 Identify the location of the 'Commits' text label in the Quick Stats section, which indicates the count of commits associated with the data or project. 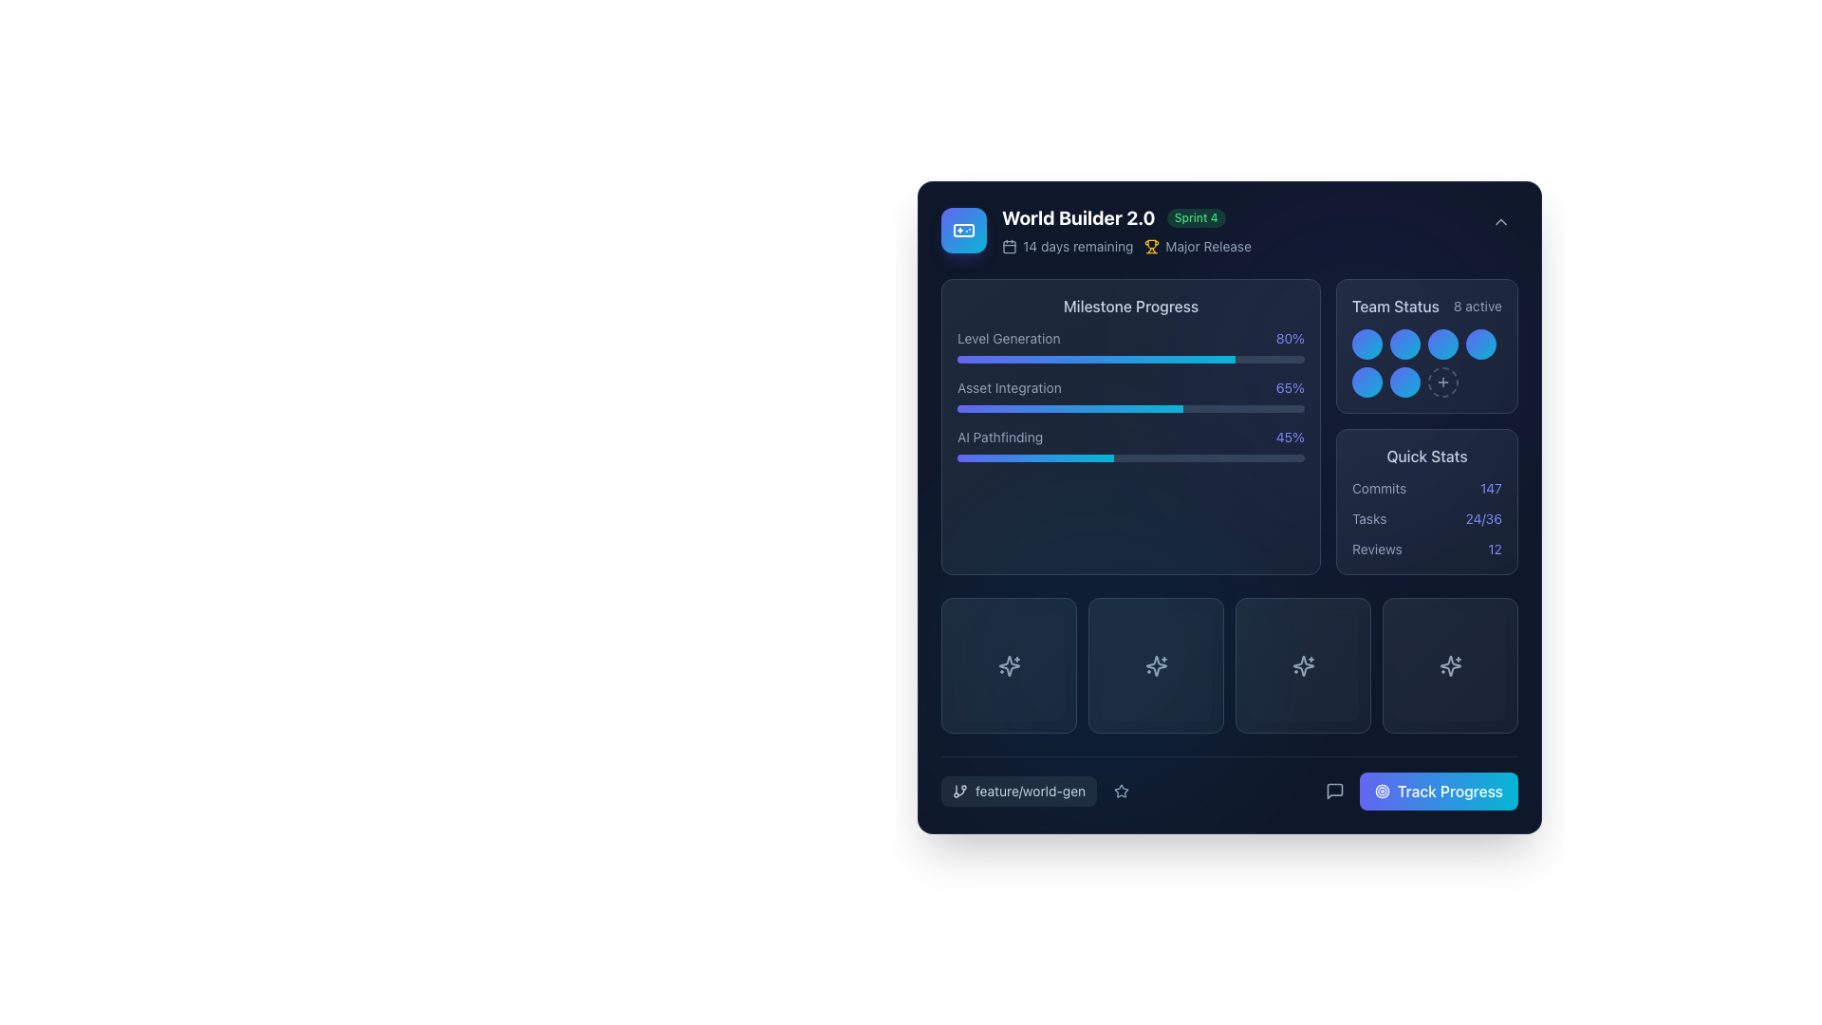
(1379, 488).